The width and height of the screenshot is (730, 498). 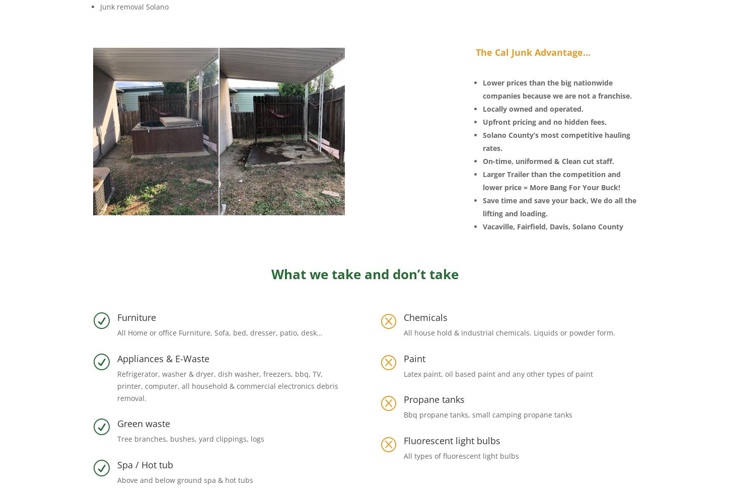 I want to click on 'Furniture', so click(x=117, y=317).